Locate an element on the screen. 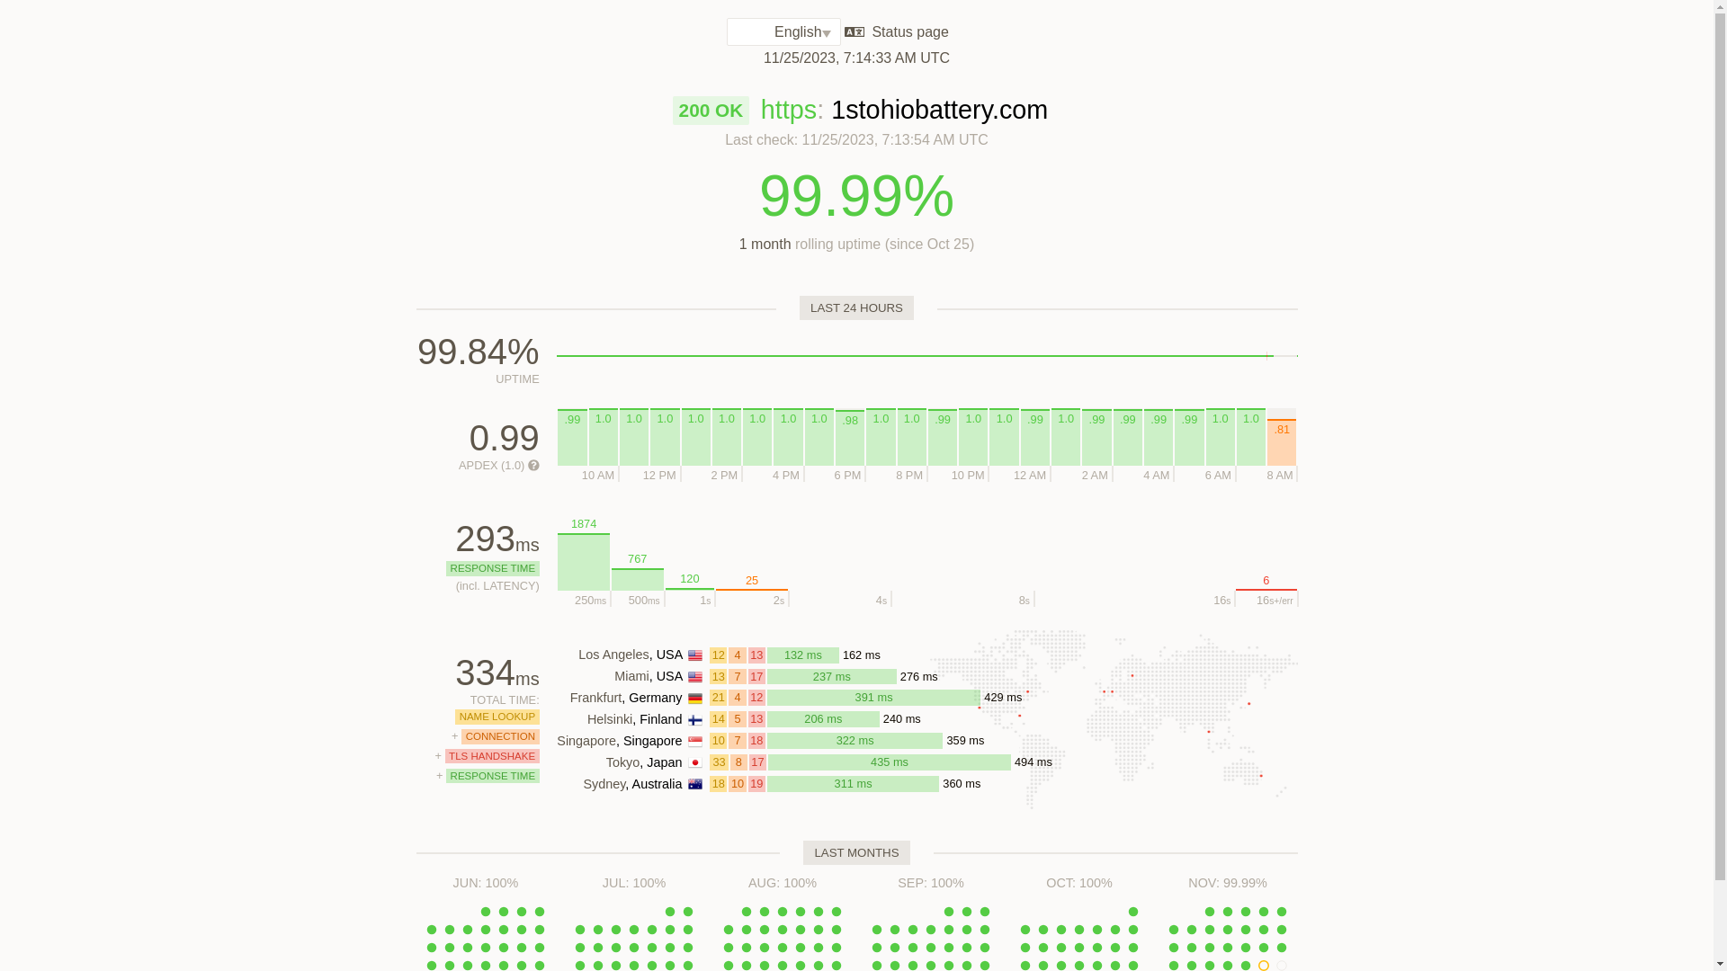 The image size is (1727, 971). '<small>Sep 10:</small> No downtime' is located at coordinates (983, 929).